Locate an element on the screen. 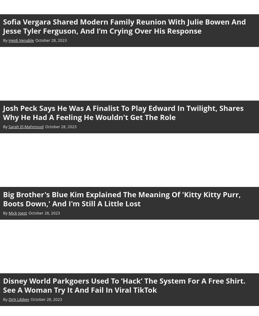  'Mick Joest' is located at coordinates (17, 213).